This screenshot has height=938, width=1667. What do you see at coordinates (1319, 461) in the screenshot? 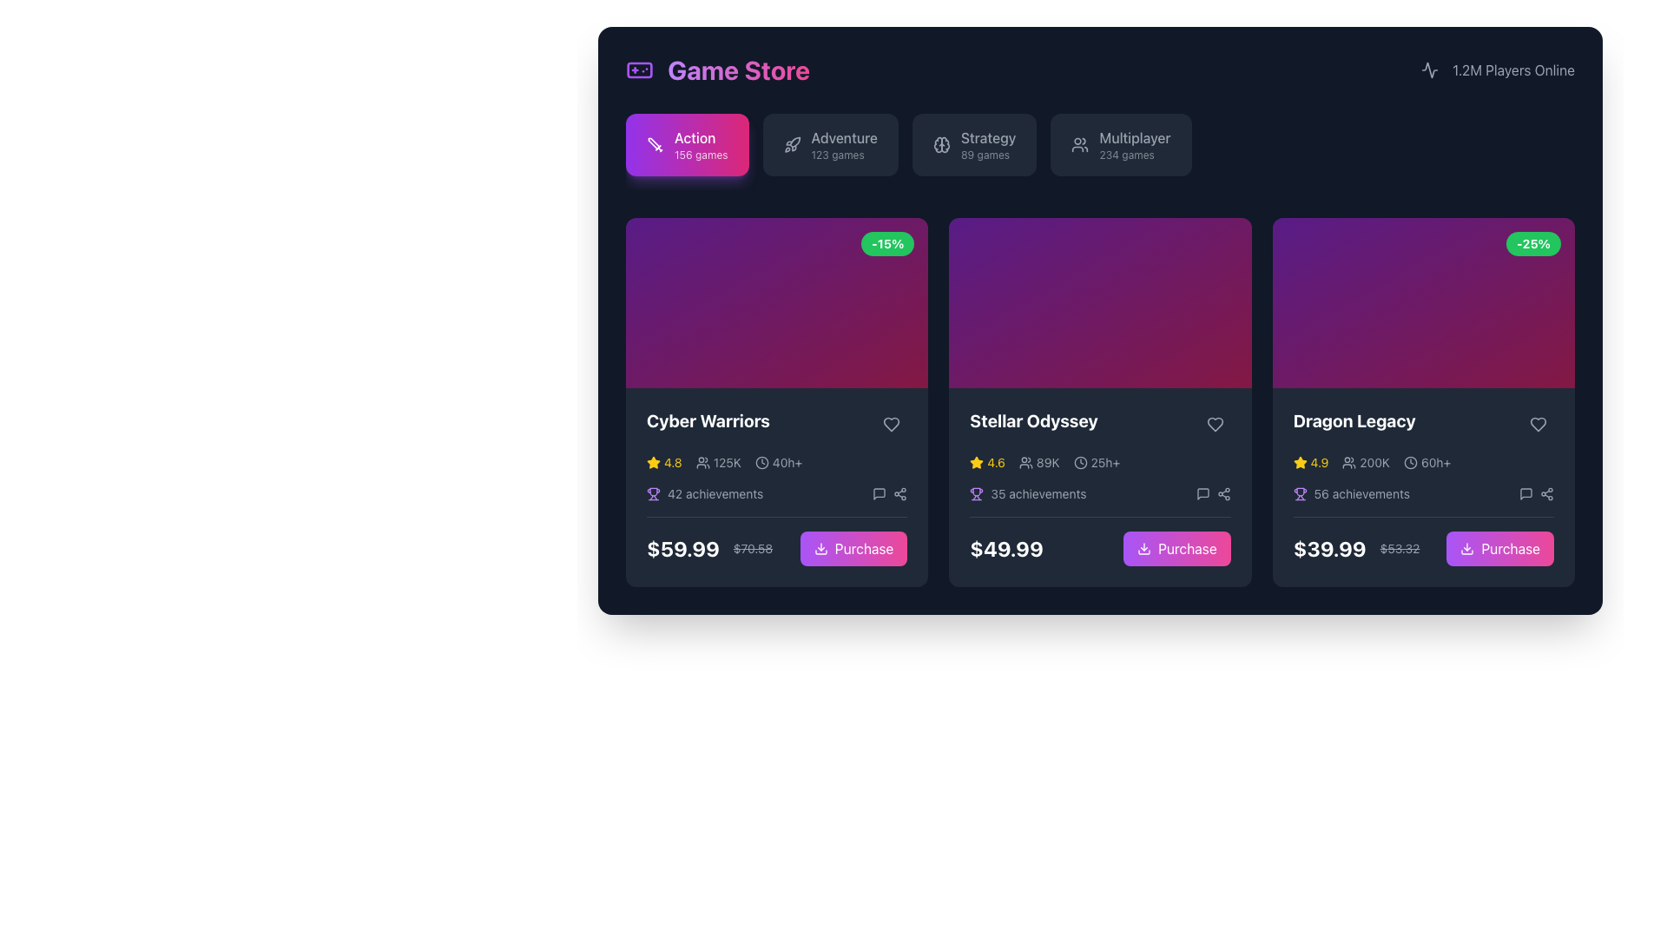
I see `the rating text label for the 'Dragon Legacy' game, located under the game's title and to the right of the small yellow star icon` at bounding box center [1319, 461].